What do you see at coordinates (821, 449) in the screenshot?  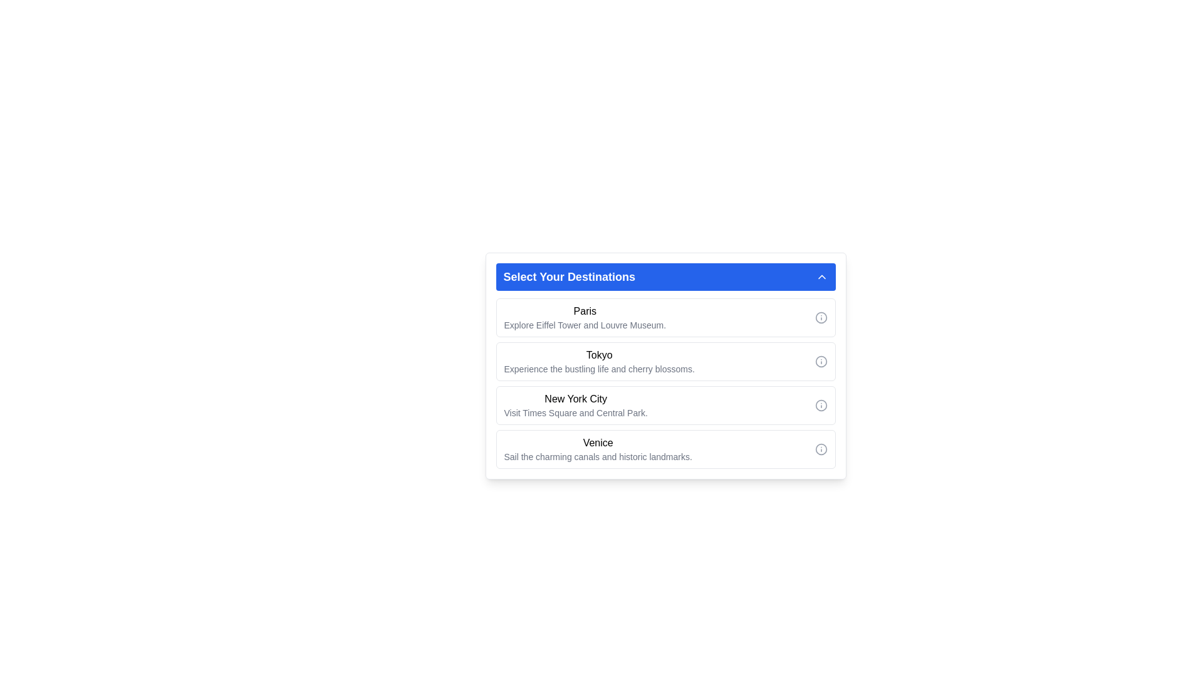 I see `the information icon located at the far-right end of the 'Venice' row in the list of destination options` at bounding box center [821, 449].